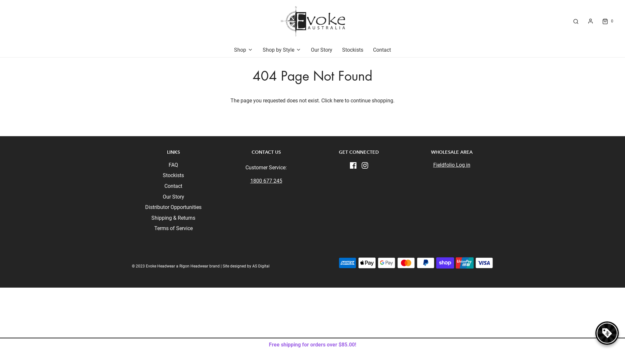  Describe the element at coordinates (364, 165) in the screenshot. I see `'Instagram icon'` at that location.